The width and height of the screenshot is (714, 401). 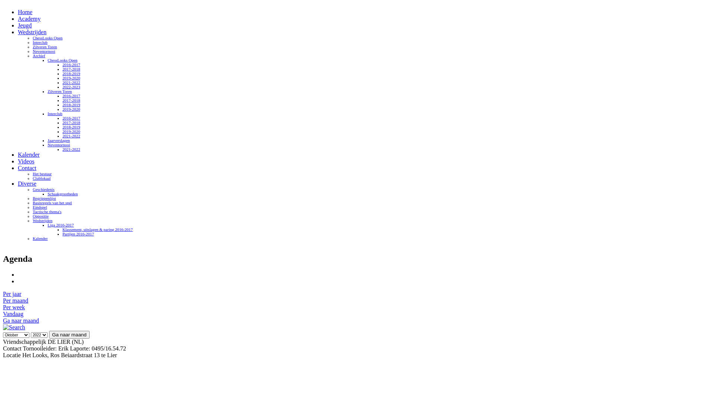 What do you see at coordinates (42, 220) in the screenshot?
I see `'Wedstrijden'` at bounding box center [42, 220].